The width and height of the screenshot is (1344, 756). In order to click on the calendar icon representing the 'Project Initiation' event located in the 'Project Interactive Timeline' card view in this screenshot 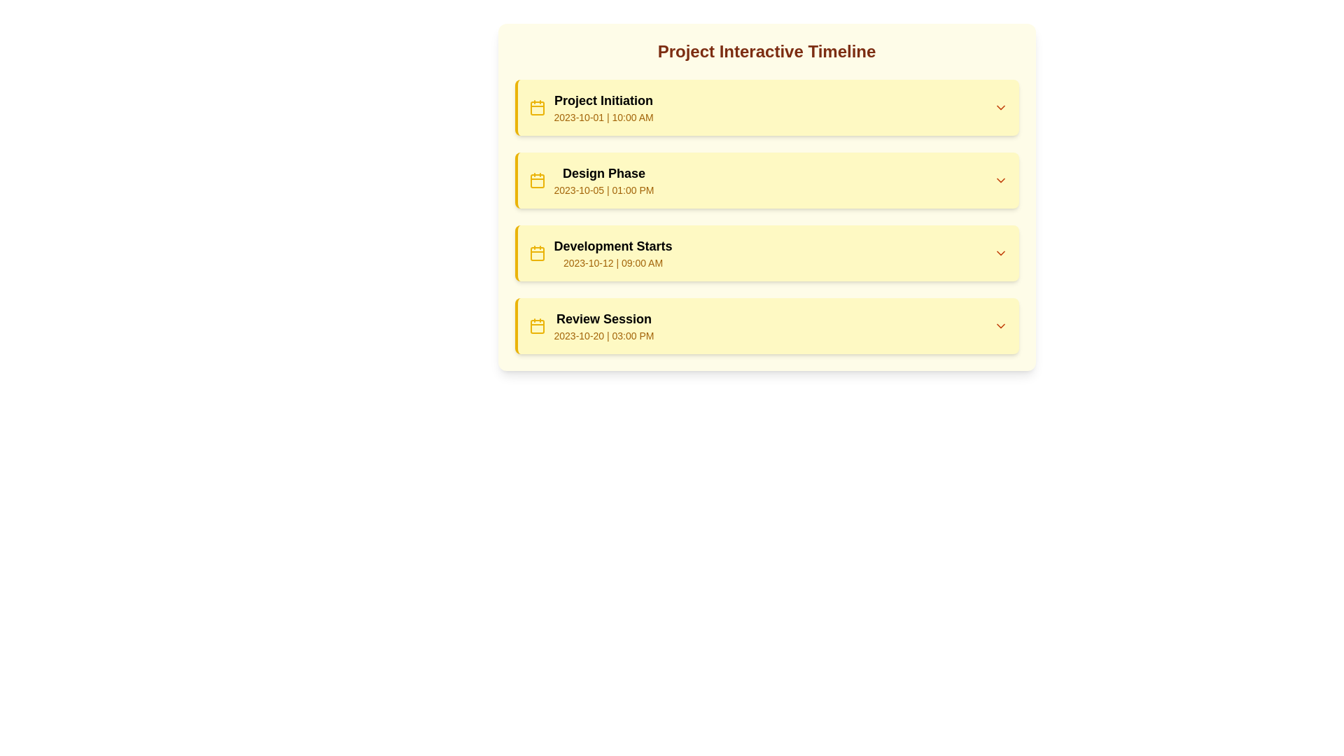, I will do `click(536, 107)`.